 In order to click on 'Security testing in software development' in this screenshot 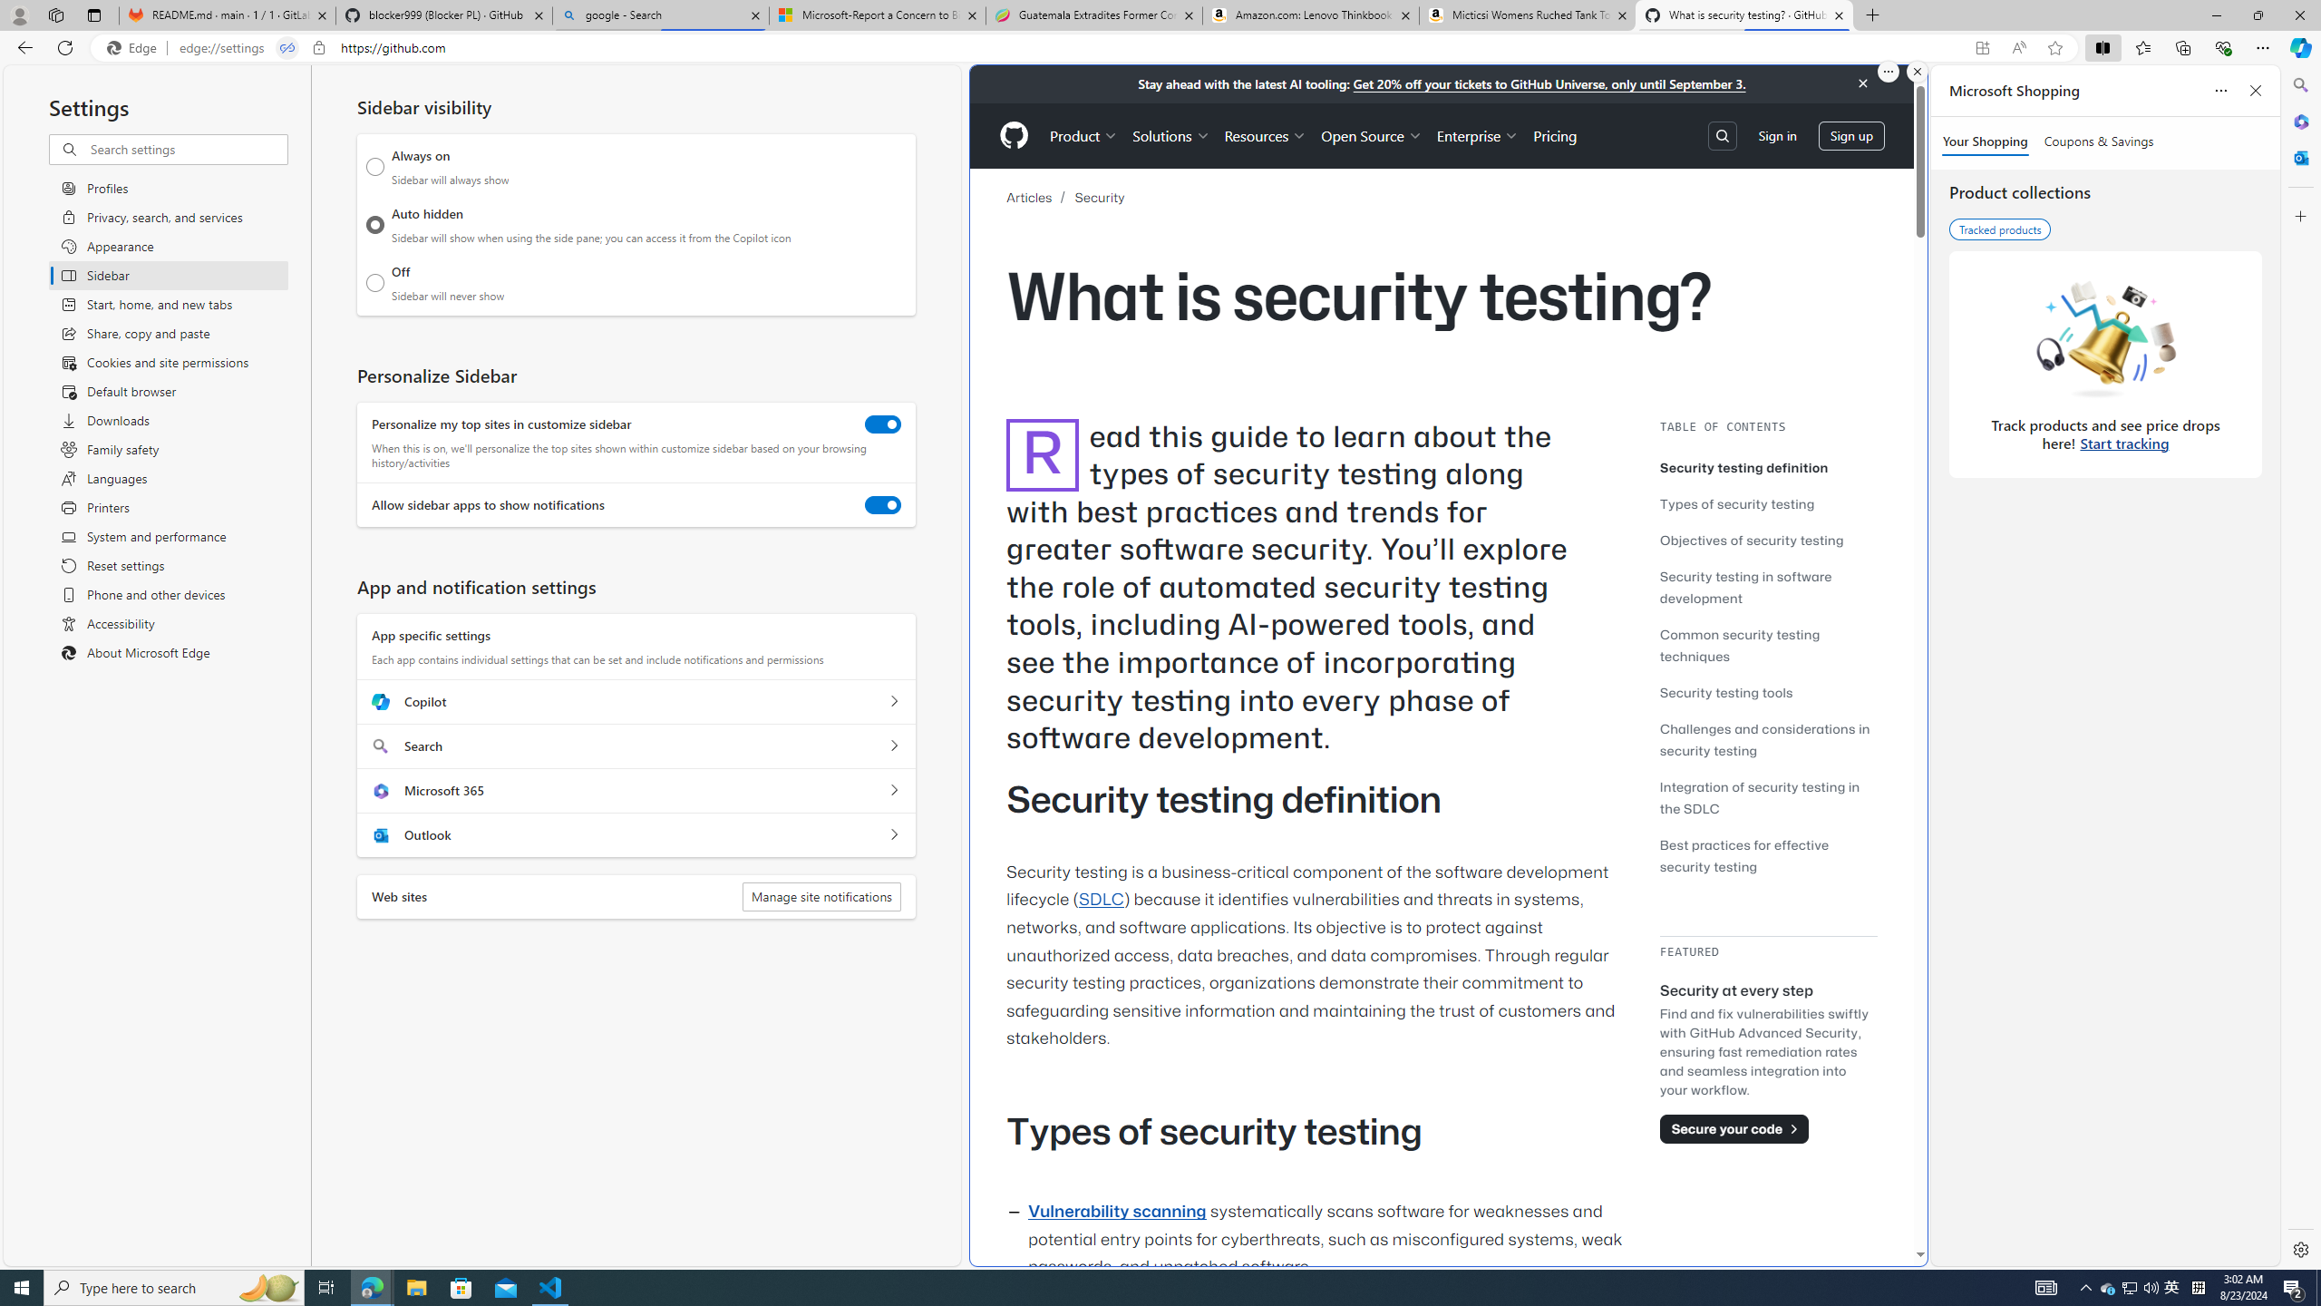, I will do `click(1744, 587)`.